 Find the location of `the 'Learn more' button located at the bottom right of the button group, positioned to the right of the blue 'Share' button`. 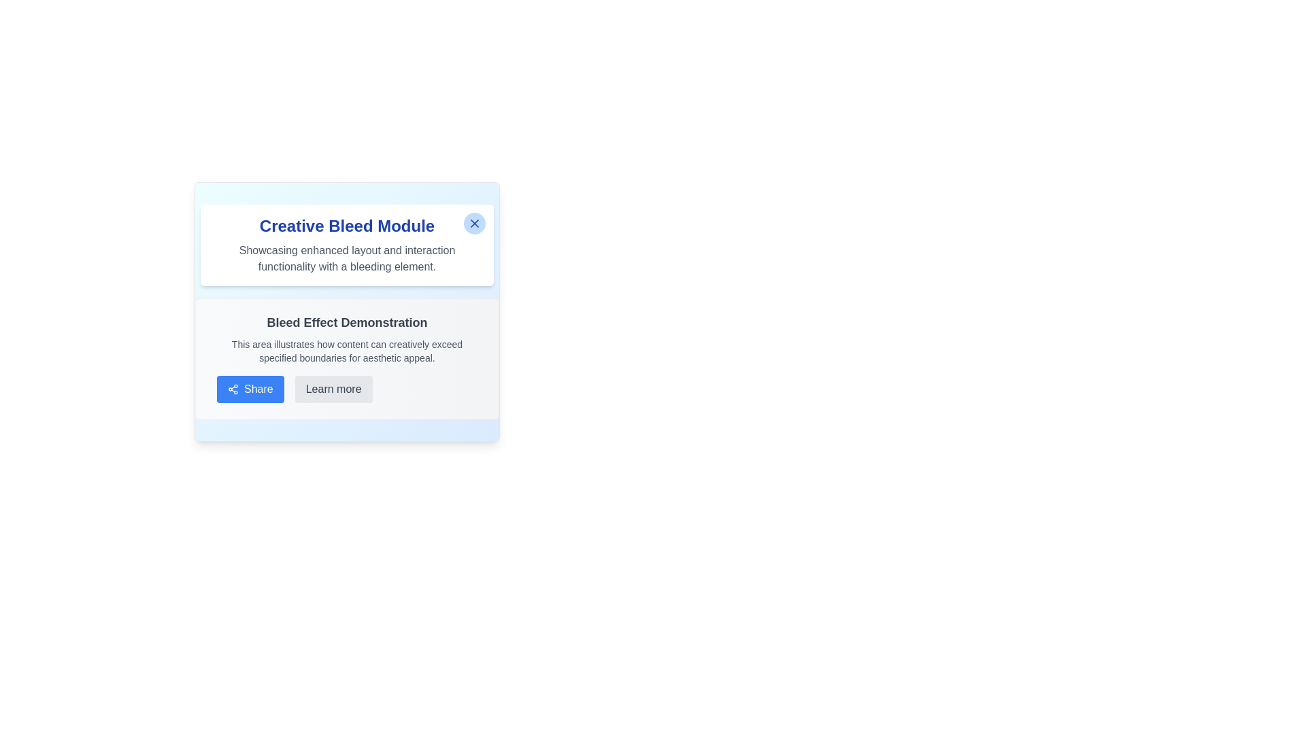

the 'Learn more' button located at the bottom right of the button group, positioned to the right of the blue 'Share' button is located at coordinates (333, 389).